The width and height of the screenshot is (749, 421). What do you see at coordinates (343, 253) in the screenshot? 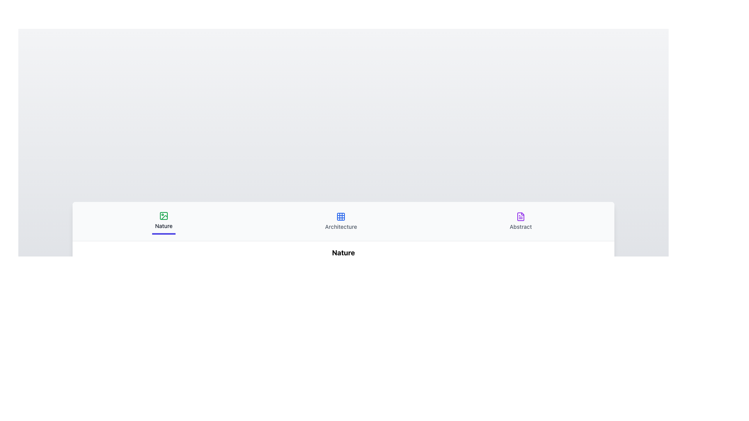
I see `the section this title belongs to` at bounding box center [343, 253].